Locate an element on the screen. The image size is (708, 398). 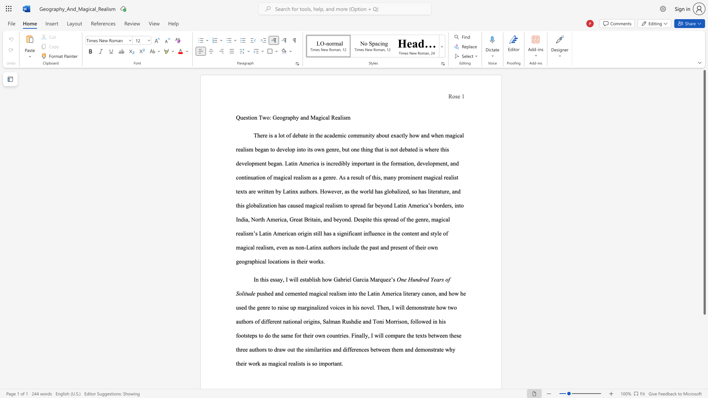
the vertical scrollbar to lower the page content is located at coordinates (704, 365).